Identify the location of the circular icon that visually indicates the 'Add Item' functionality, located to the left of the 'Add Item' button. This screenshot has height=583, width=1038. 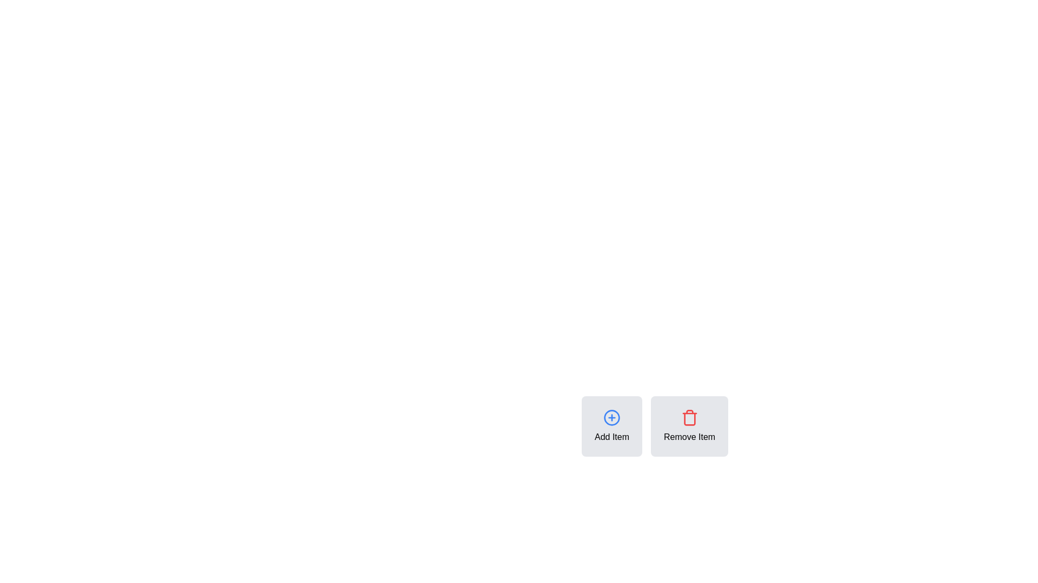
(612, 417).